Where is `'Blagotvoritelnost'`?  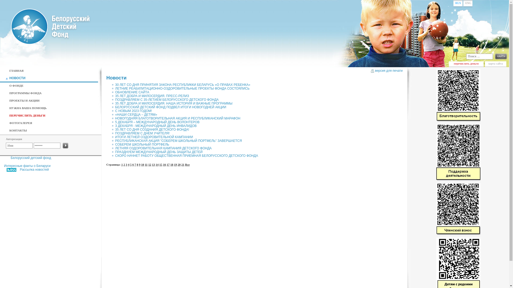 'Blagotvoritelnost' is located at coordinates (436, 121).